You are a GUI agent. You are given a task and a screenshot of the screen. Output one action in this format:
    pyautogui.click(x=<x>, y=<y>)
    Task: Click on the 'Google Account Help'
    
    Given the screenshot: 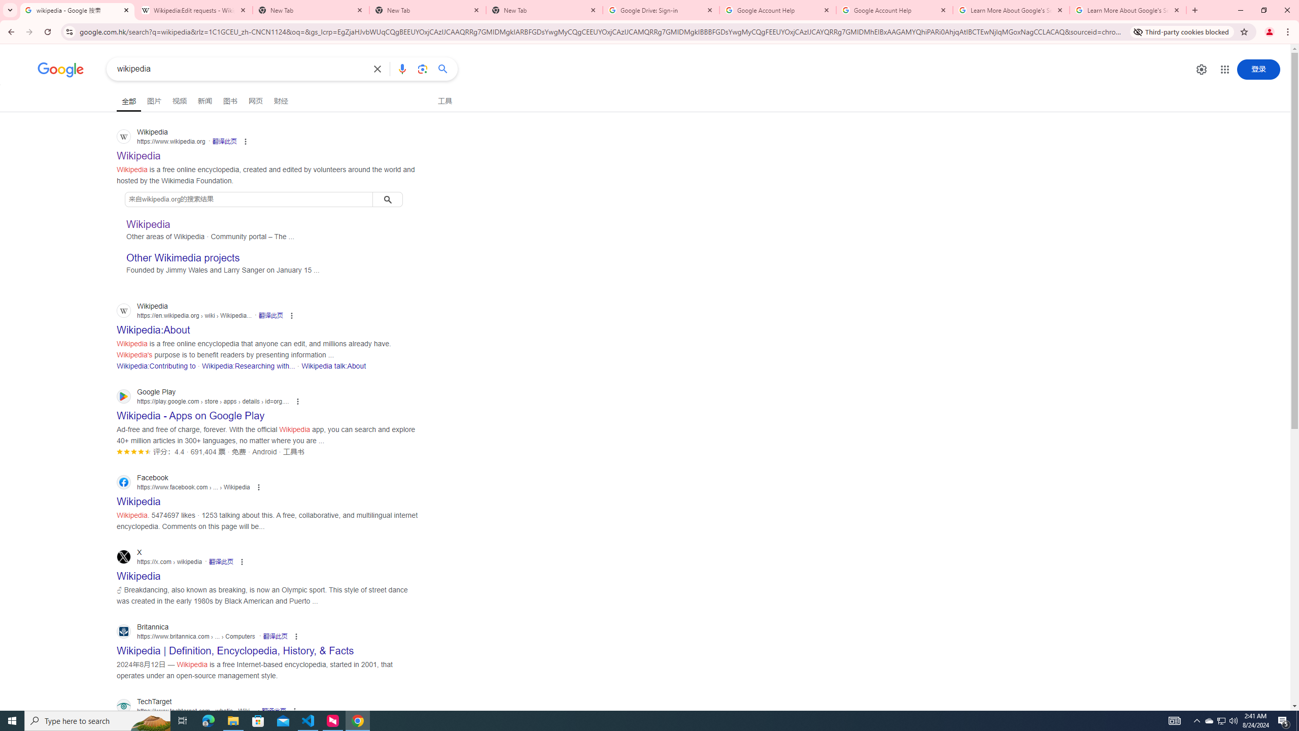 What is the action you would take?
    pyautogui.click(x=894, y=10)
    